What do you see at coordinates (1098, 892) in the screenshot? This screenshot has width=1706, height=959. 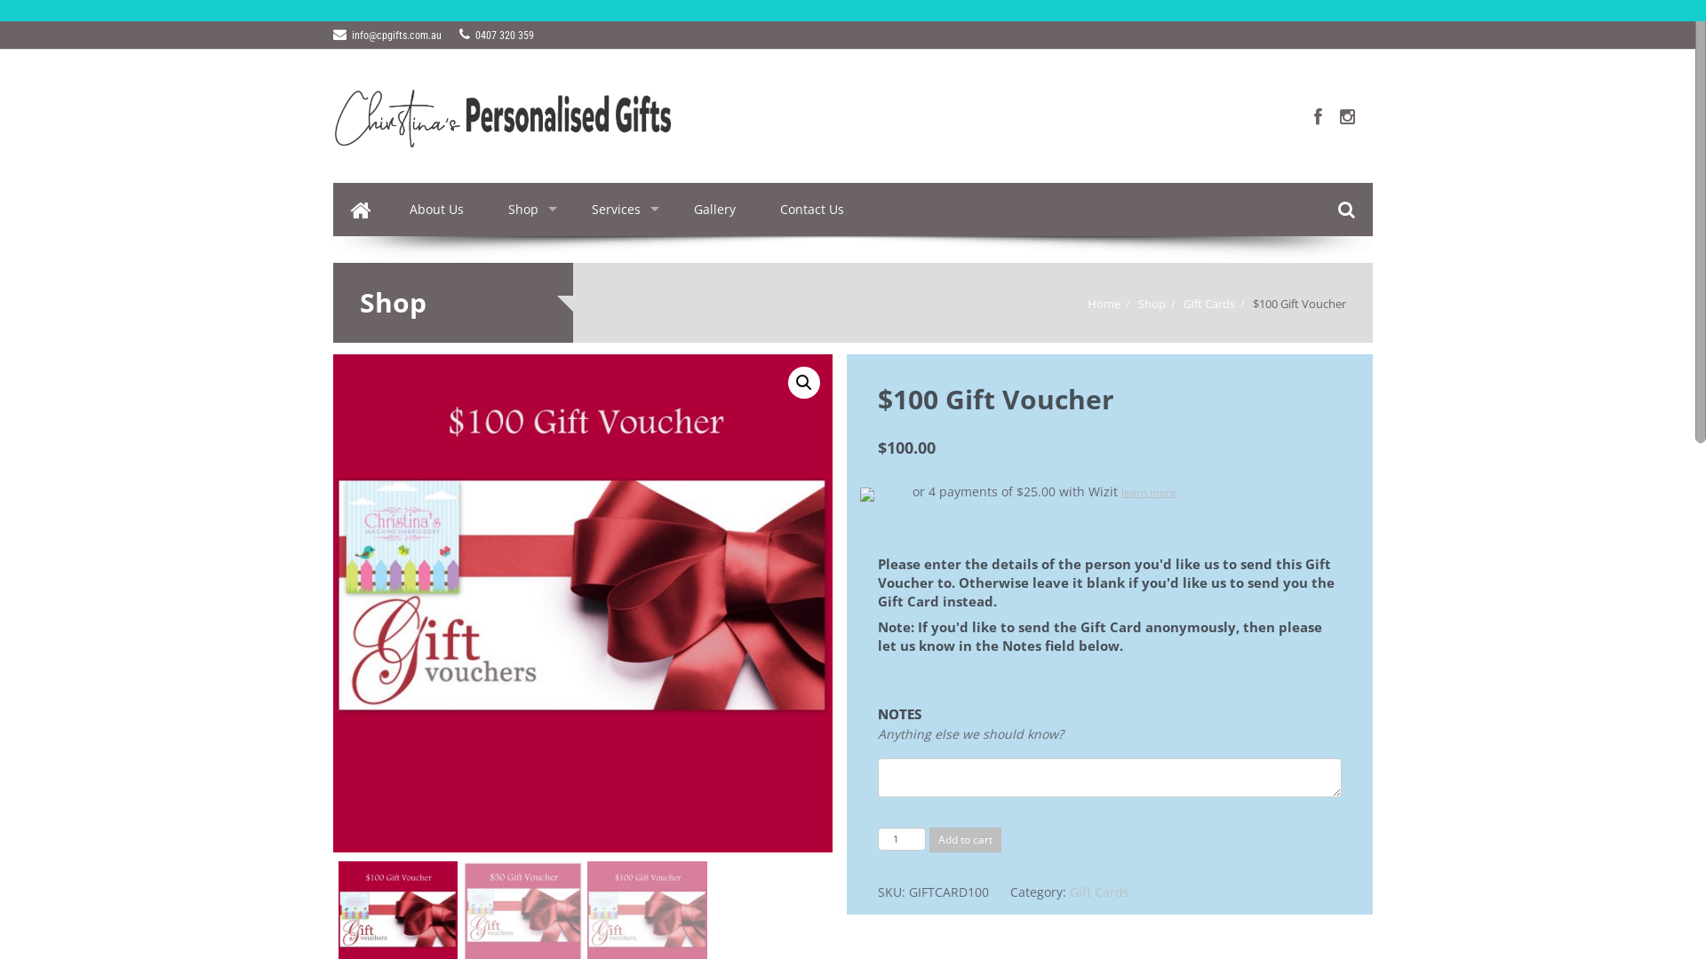 I see `'Gift Cards'` at bounding box center [1098, 892].